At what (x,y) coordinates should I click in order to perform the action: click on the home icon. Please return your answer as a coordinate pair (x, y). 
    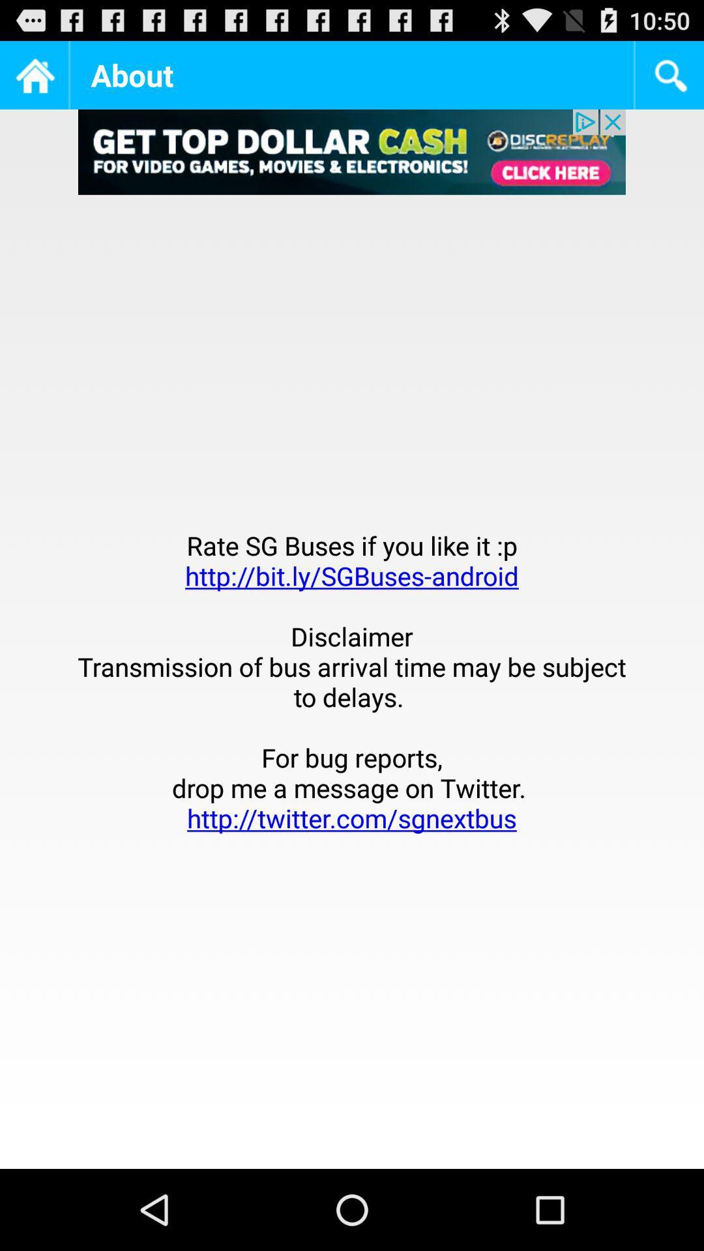
    Looking at the image, I should click on (33, 79).